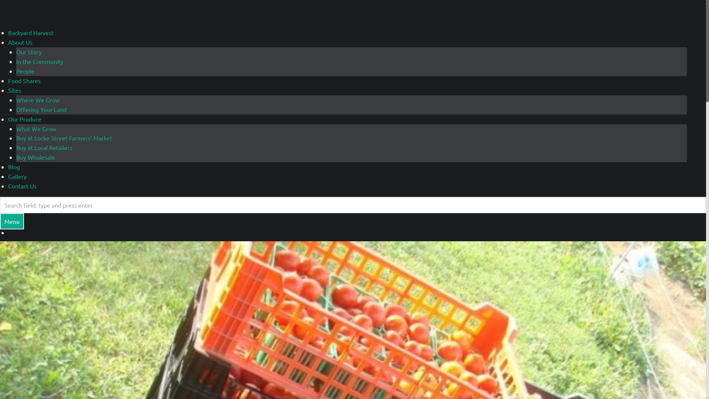 The image size is (709, 399). What do you see at coordinates (22, 185) in the screenshot?
I see `'Contact Us'` at bounding box center [22, 185].